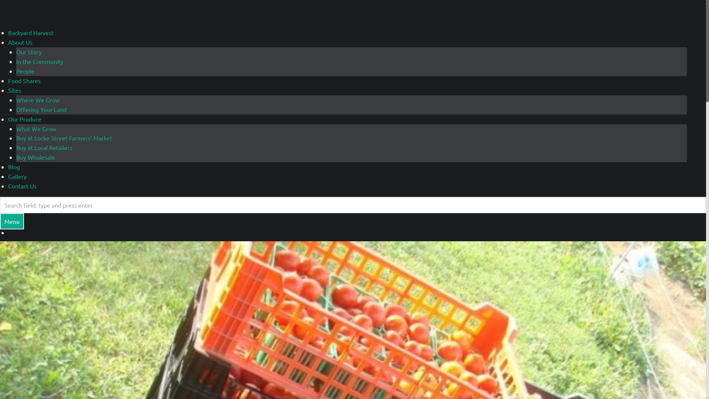 The image size is (709, 399). What do you see at coordinates (22, 185) in the screenshot?
I see `'Contact Us'` at bounding box center [22, 185].